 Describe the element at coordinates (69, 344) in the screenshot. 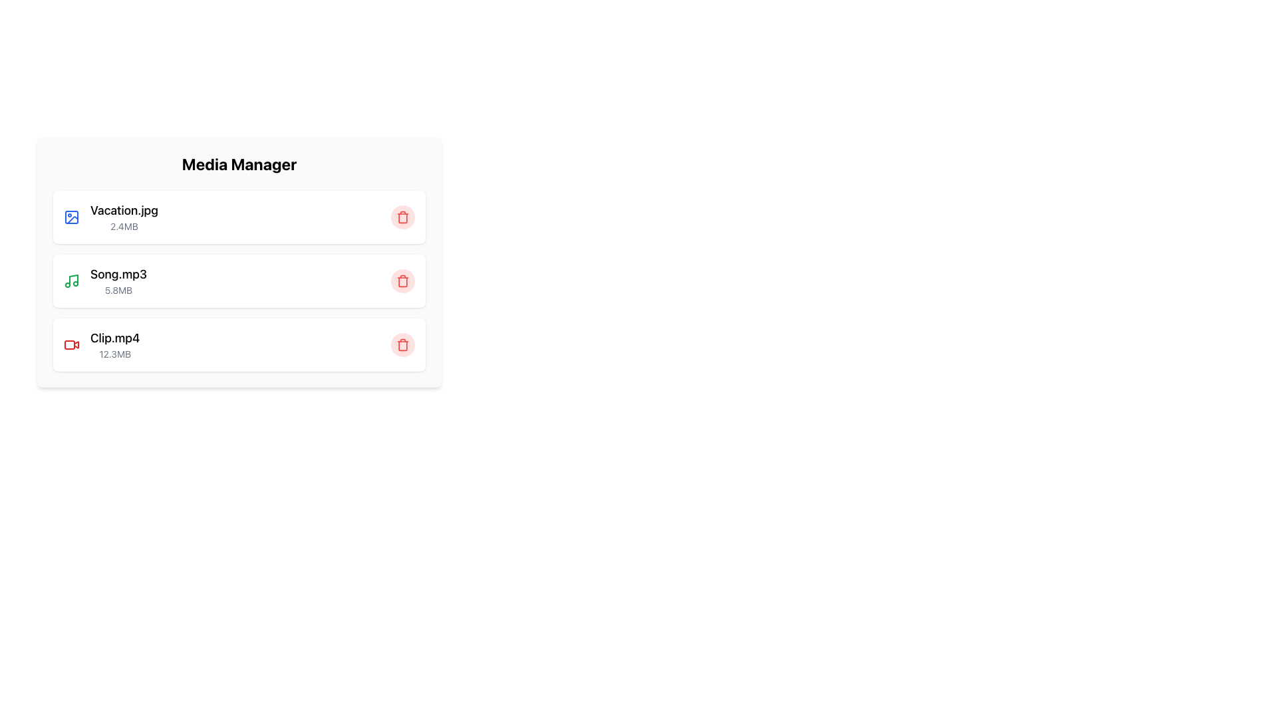

I see `the delete button located in the bottom right corner of the 'Clip.mp4' entry within the 'Media Manager' pane` at that location.